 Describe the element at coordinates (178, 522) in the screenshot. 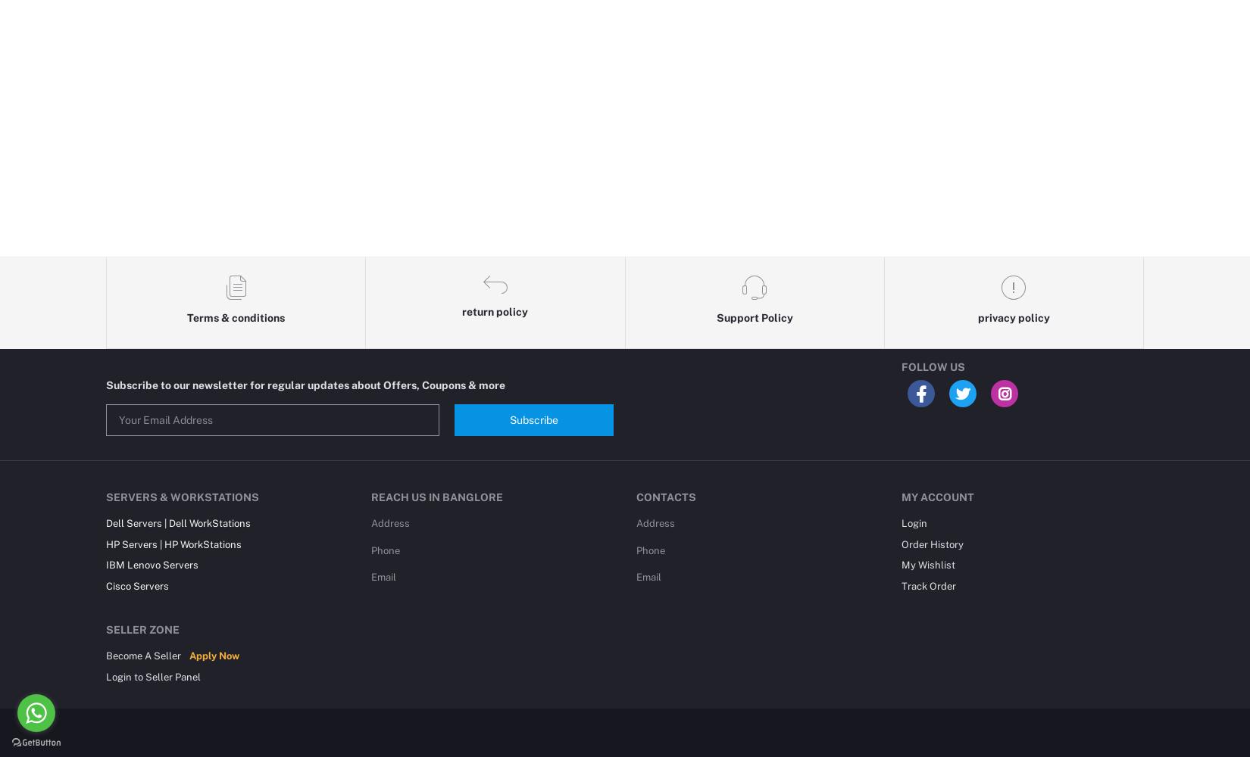

I see `'Dell Servers | Dell WorkStations'` at that location.